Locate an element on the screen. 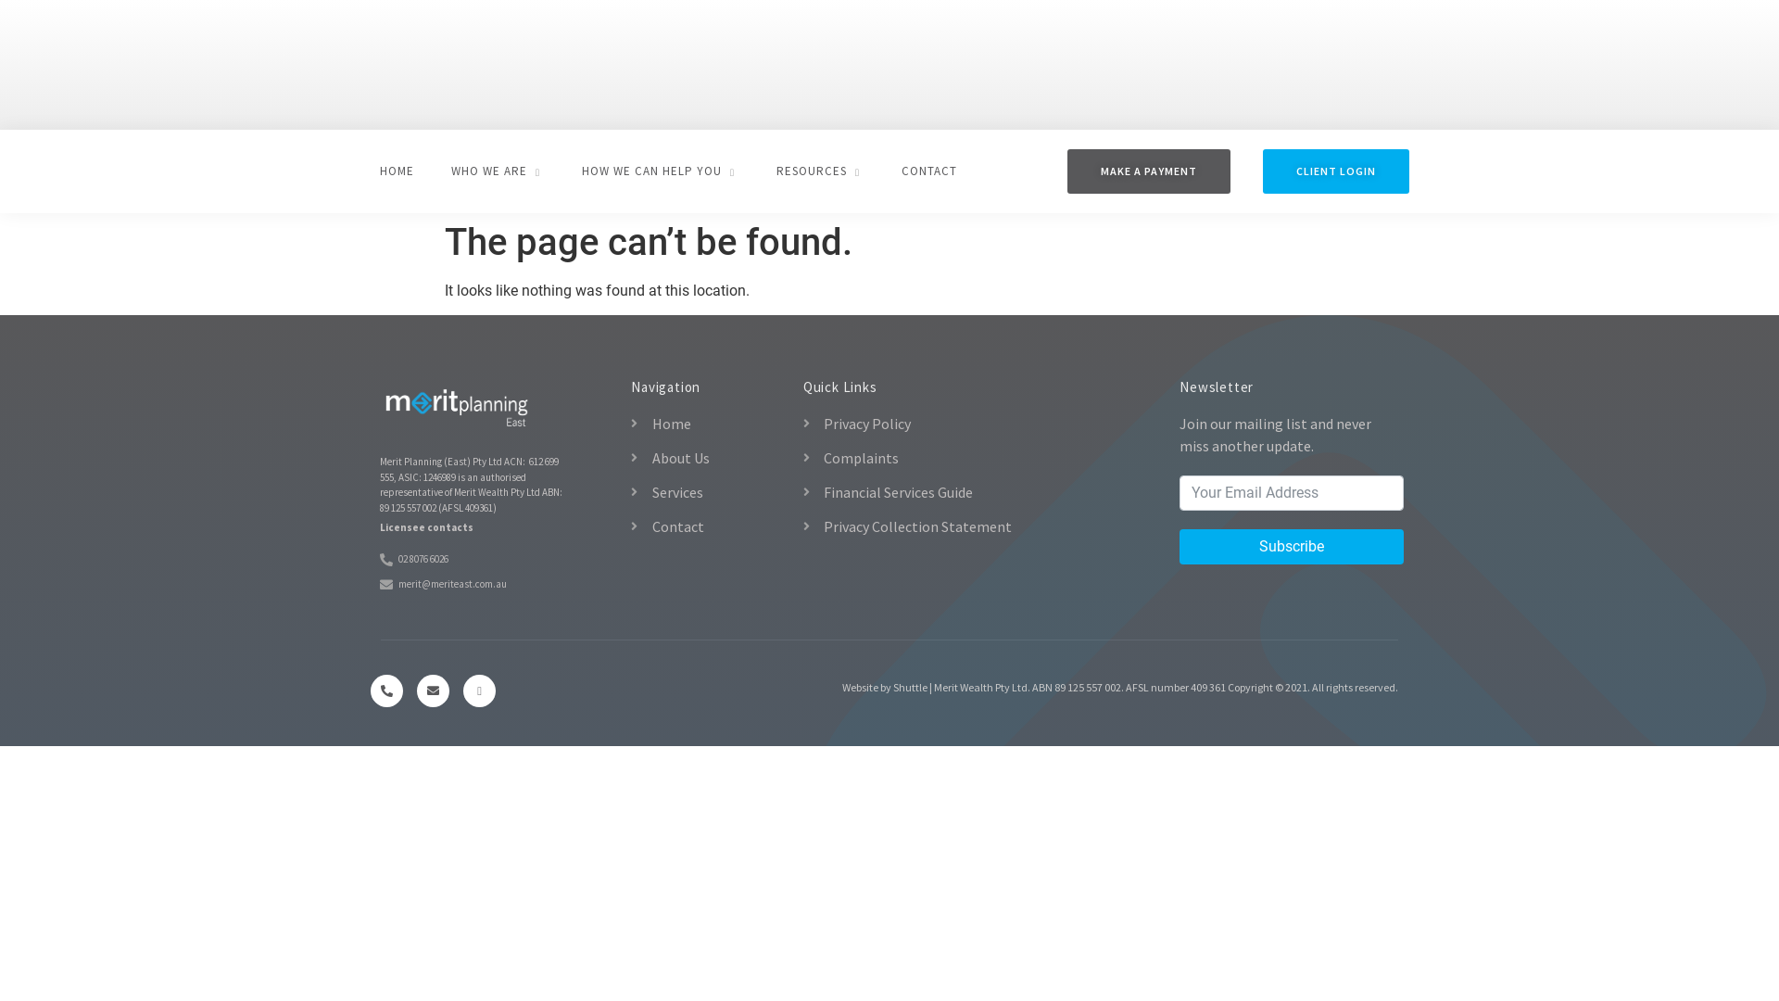 This screenshot has height=1001, width=1779. 'Privacy Collection Statement' is located at coordinates (967, 526).